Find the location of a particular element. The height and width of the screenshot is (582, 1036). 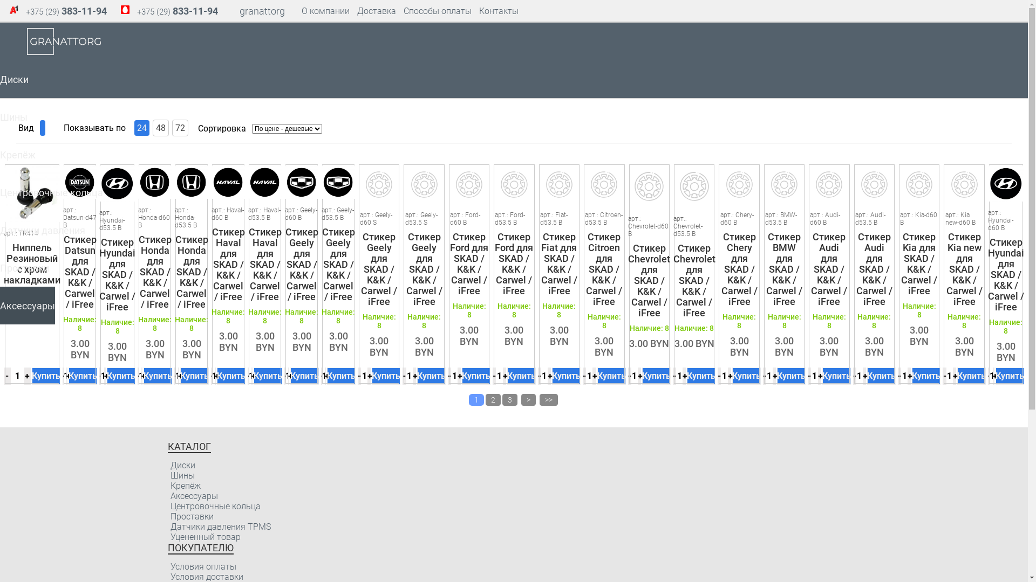

'granattorg' is located at coordinates (262, 11).